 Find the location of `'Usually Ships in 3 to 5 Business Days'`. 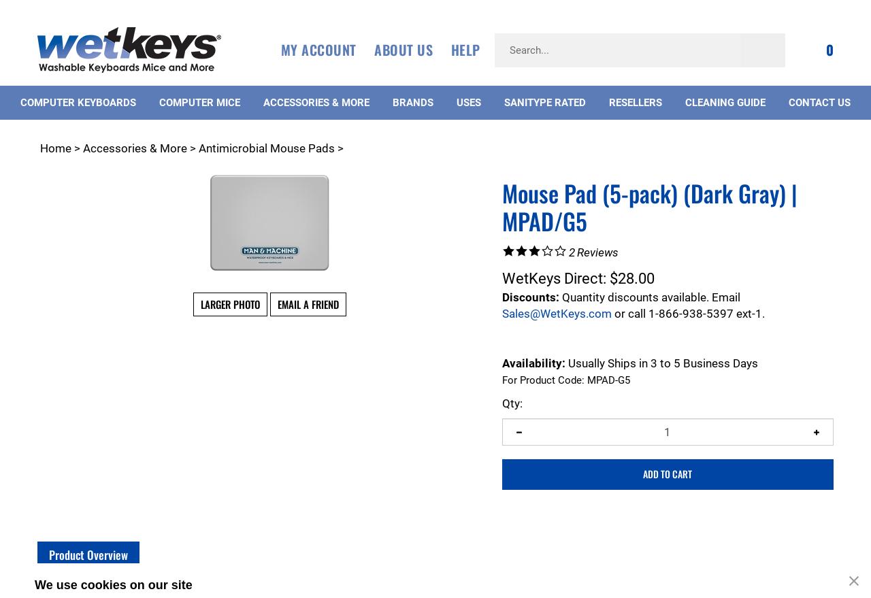

'Usually Ships in 3 to 5 Business Days' is located at coordinates (661, 363).